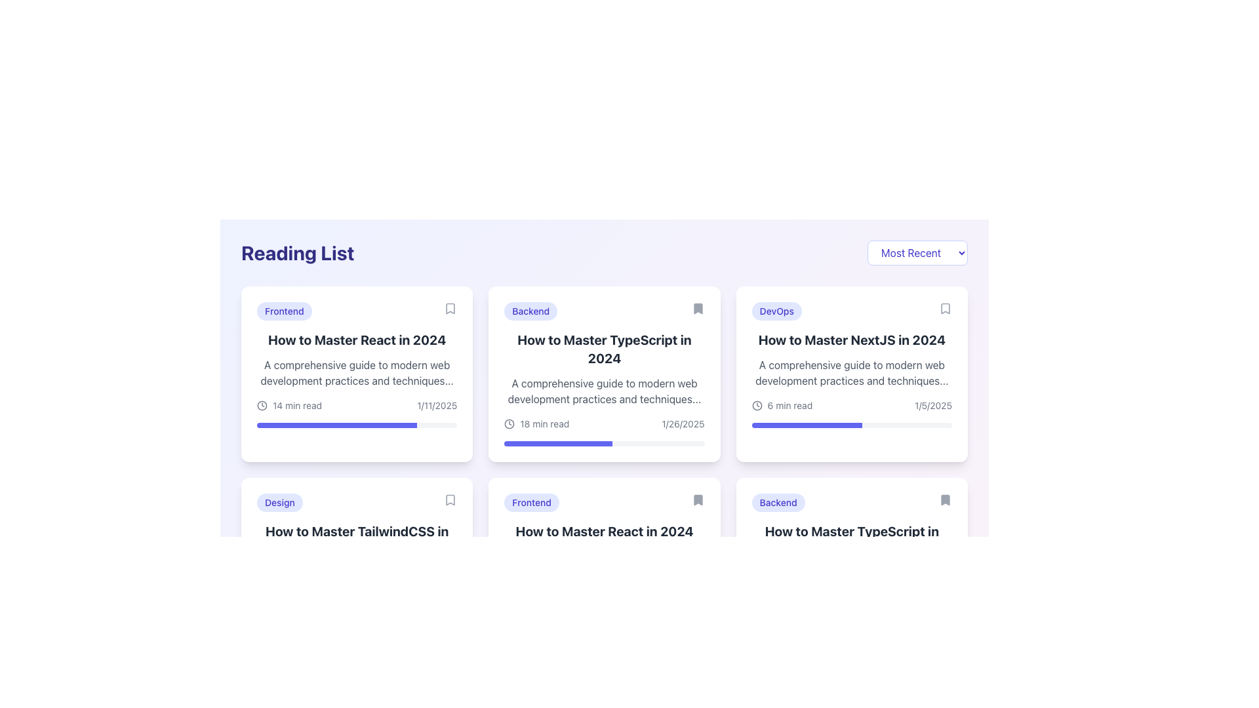 This screenshot has width=1259, height=708. I want to click on the bookmark button located at the top-right corner of the 'How to Master TailwindCSS in 2024' card to observe the color change, so click(450, 500).